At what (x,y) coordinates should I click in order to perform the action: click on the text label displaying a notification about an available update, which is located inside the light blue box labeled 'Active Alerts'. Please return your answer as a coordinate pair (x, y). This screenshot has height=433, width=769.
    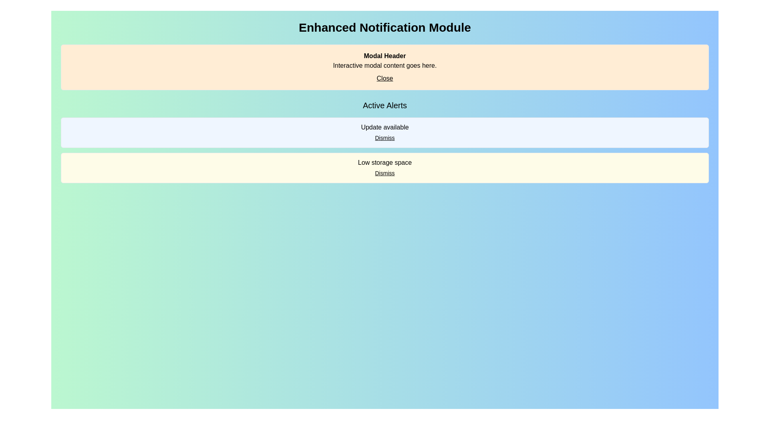
    Looking at the image, I should click on (384, 127).